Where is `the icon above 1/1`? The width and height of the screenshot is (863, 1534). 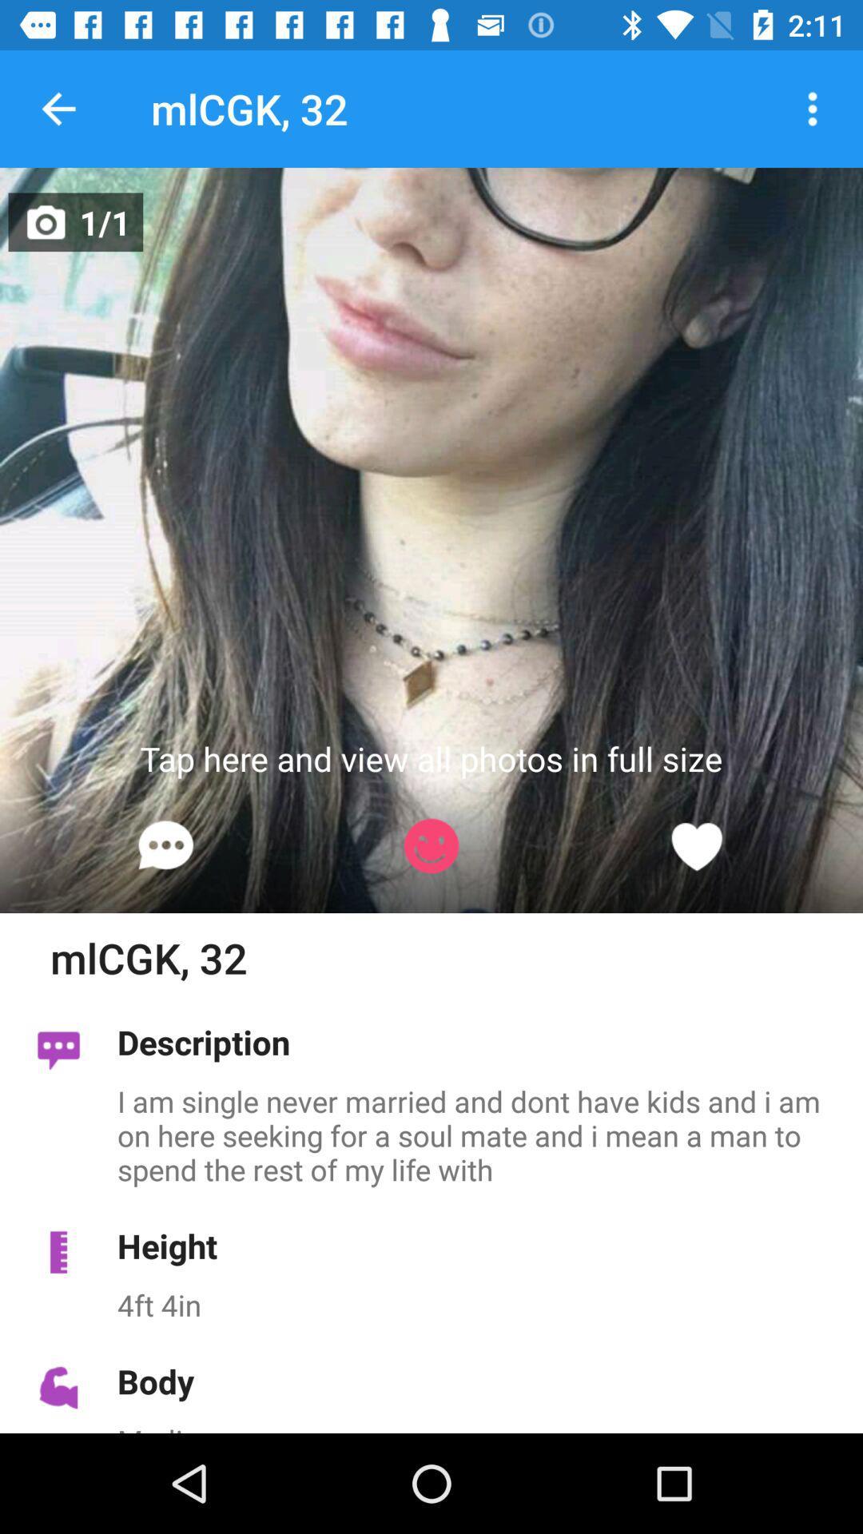 the icon above 1/1 is located at coordinates (58, 108).